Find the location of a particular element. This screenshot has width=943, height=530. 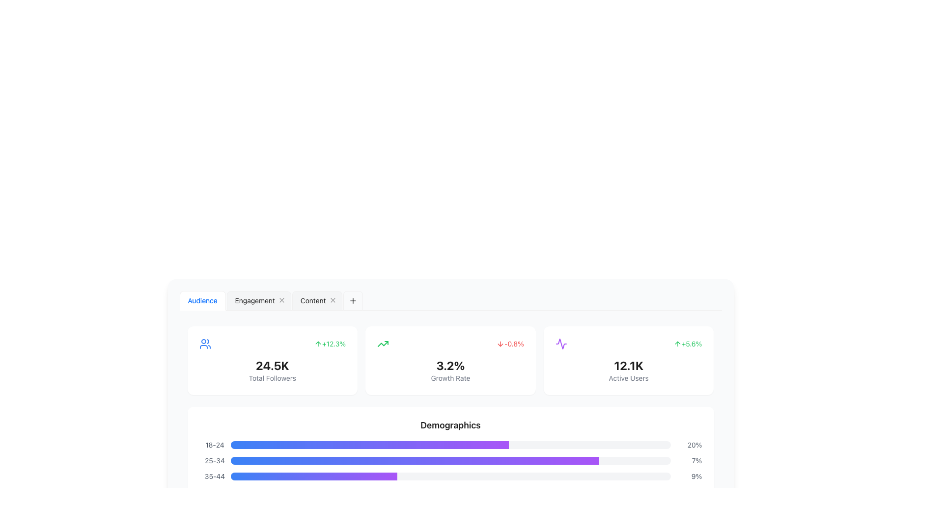

the 'Content' tab, which is the third tab in the horizontal tab bar is located at coordinates (312, 300).